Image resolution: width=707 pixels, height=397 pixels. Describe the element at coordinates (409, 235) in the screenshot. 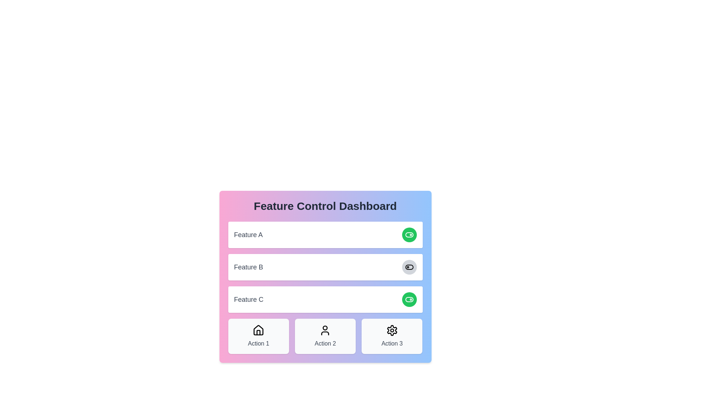

I see `the third toggle switch in the dashboard section` at that location.